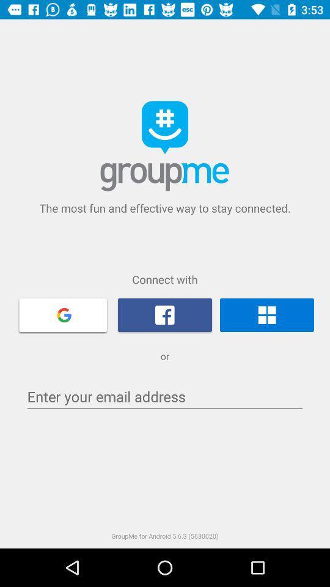  Describe the element at coordinates (165, 396) in the screenshot. I see `email text field` at that location.